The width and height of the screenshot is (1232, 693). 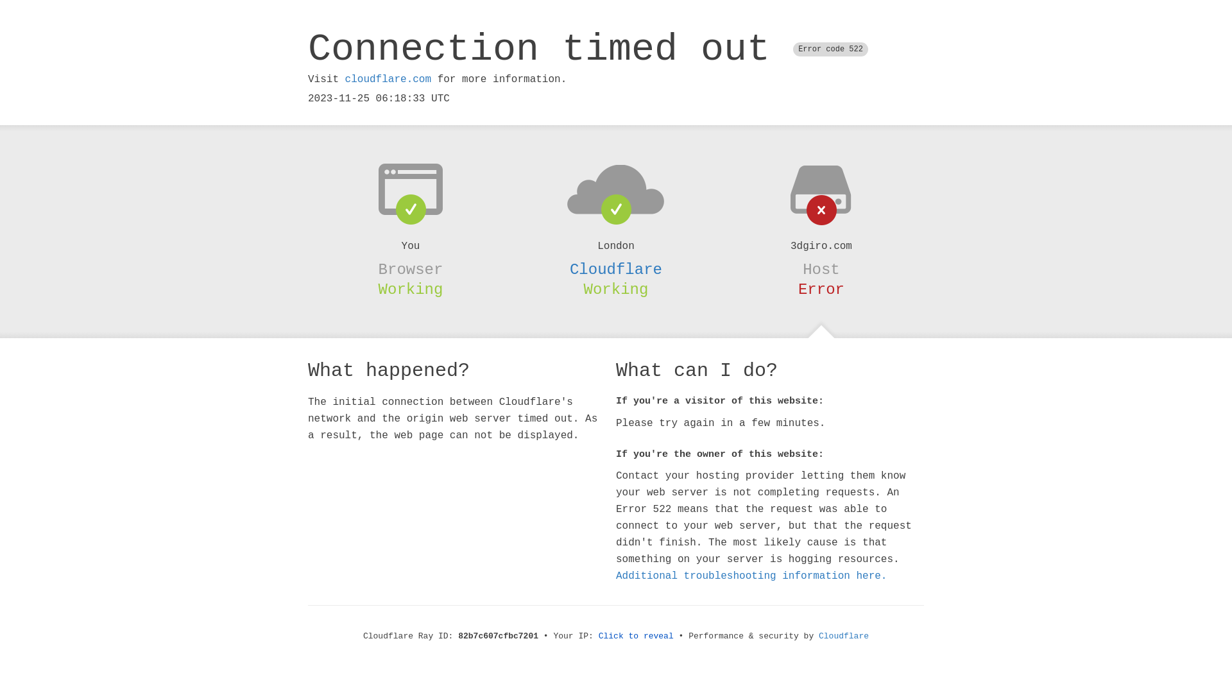 What do you see at coordinates (597, 636) in the screenshot?
I see `'Click to reveal'` at bounding box center [597, 636].